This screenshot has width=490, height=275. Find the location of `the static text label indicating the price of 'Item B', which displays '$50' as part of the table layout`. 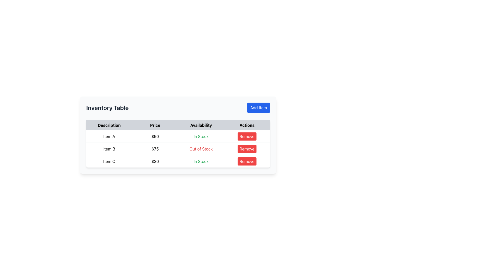

the static text label indicating the price of 'Item B', which displays '$50' as part of the table layout is located at coordinates (155, 149).